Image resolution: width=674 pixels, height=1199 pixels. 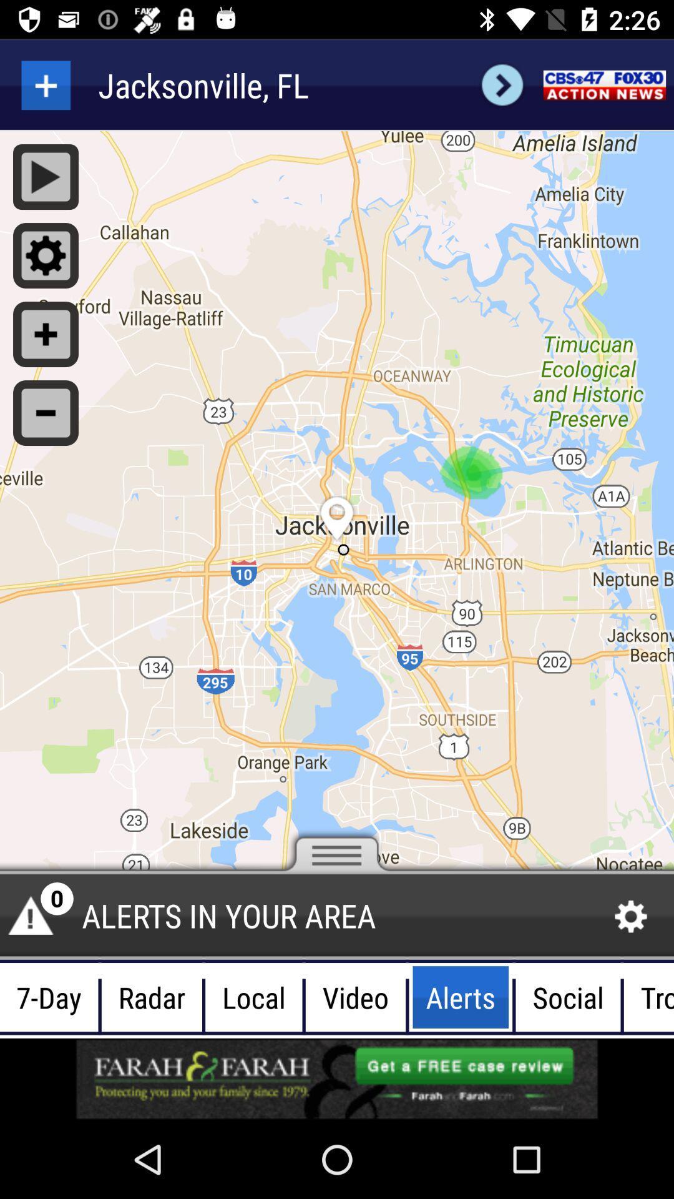 I want to click on the add icon, so click(x=45, y=84).